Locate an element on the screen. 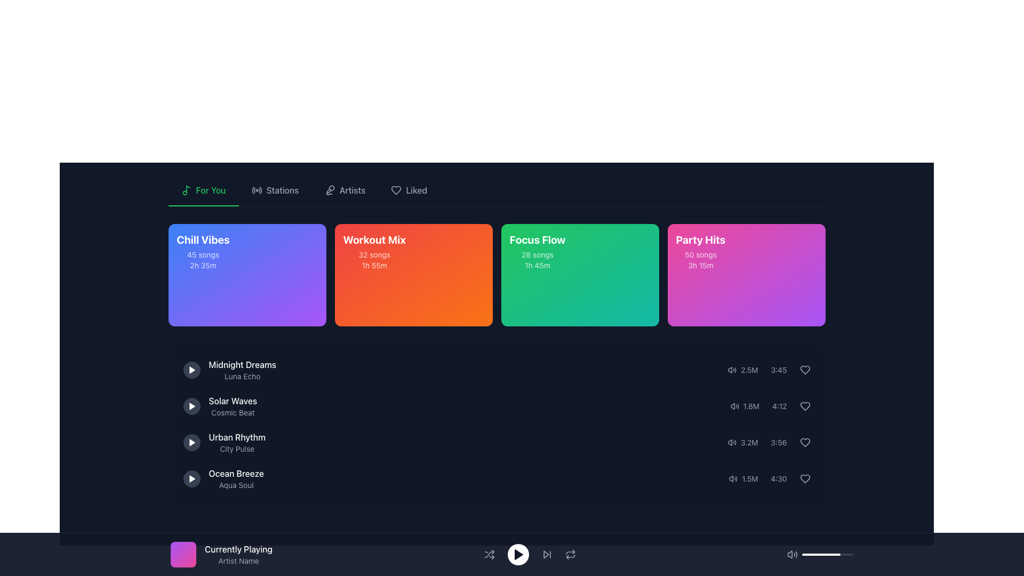  the volume is located at coordinates (805, 554).